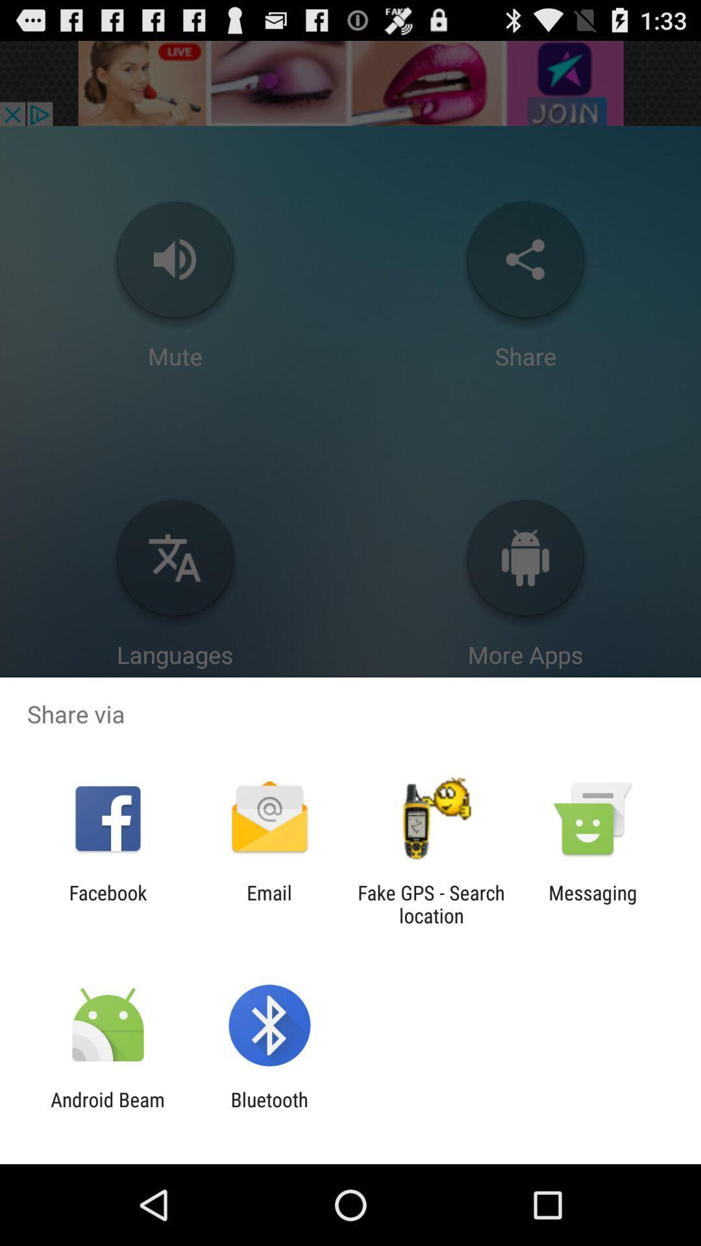 The image size is (701, 1246). I want to click on icon next to the messaging, so click(431, 903).